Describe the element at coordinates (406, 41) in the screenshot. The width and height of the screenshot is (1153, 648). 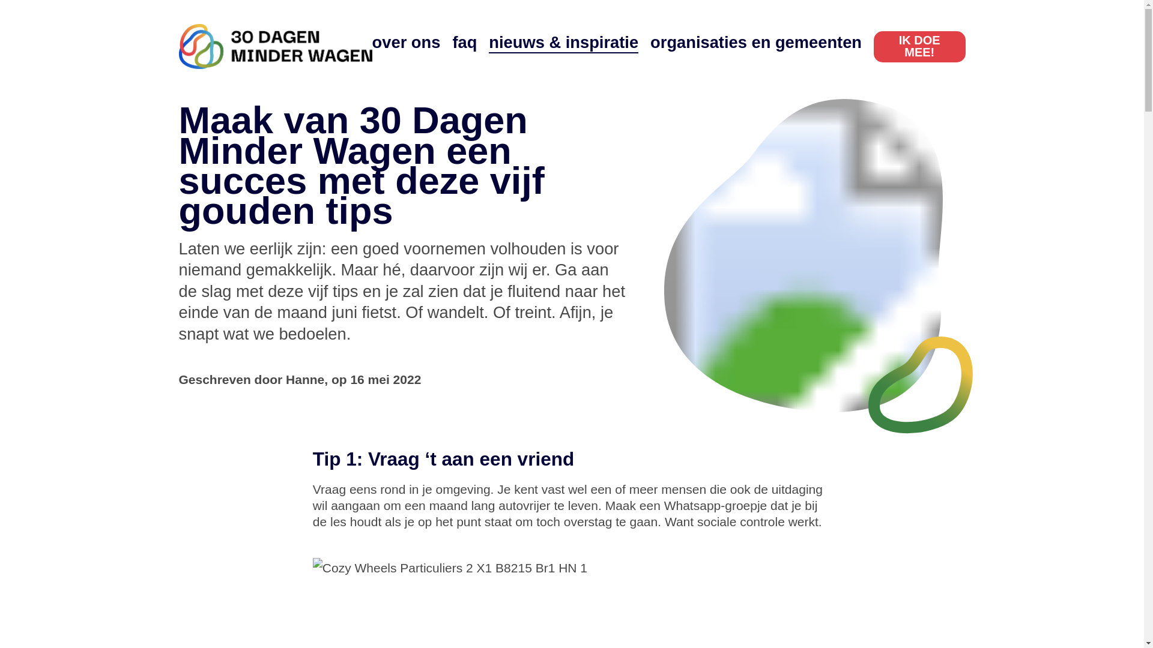
I see `'over ons'` at that location.